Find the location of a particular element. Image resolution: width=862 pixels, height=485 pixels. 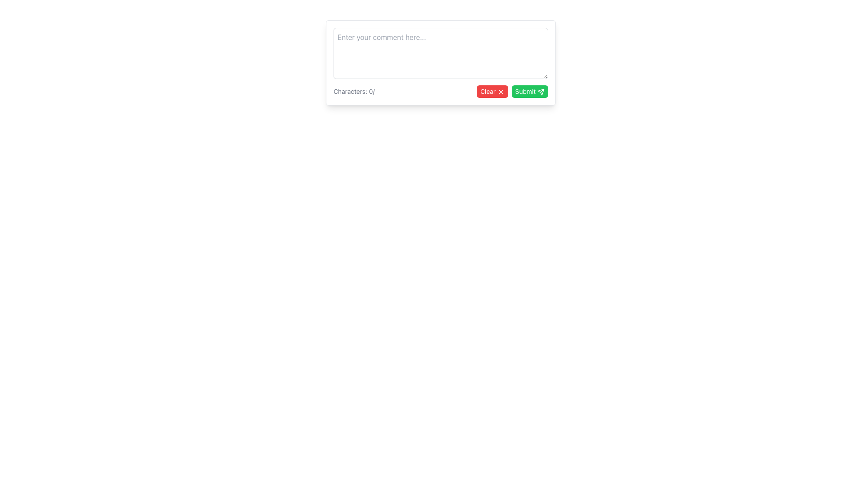

the comment input box located in the upper-middle section of the interface for interaction details is located at coordinates (441, 62).